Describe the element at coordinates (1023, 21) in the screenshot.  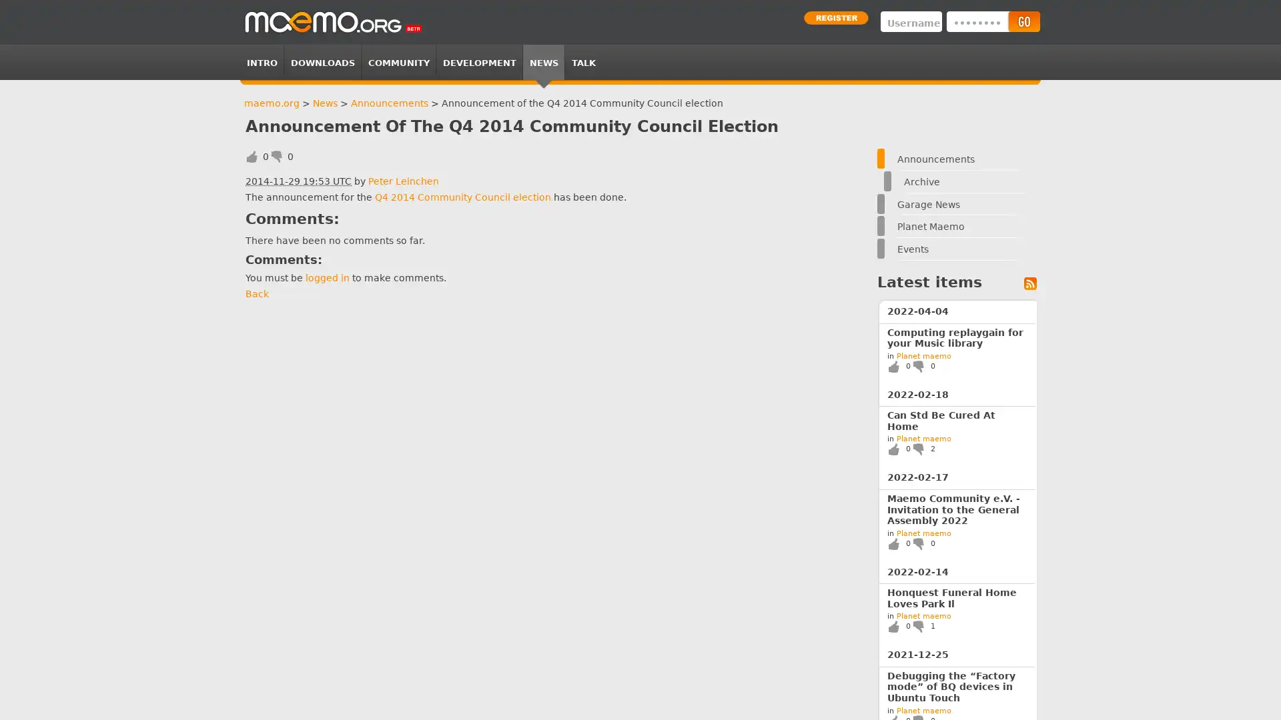
I see `Login` at that location.